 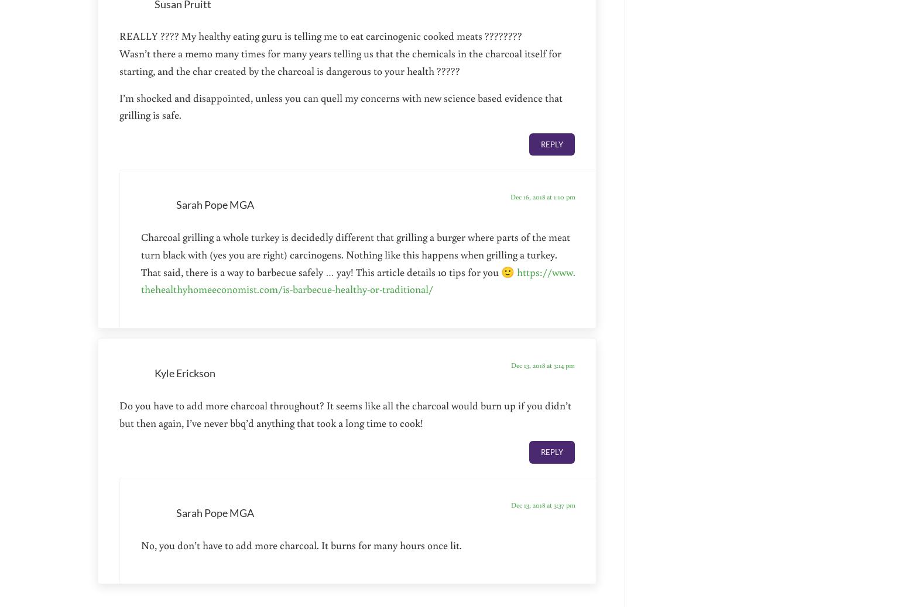 What do you see at coordinates (341, 105) in the screenshot?
I see `'I’m shocked and disappointed, unless you can quell my concerns with new science based evidence that grilling is safe.'` at bounding box center [341, 105].